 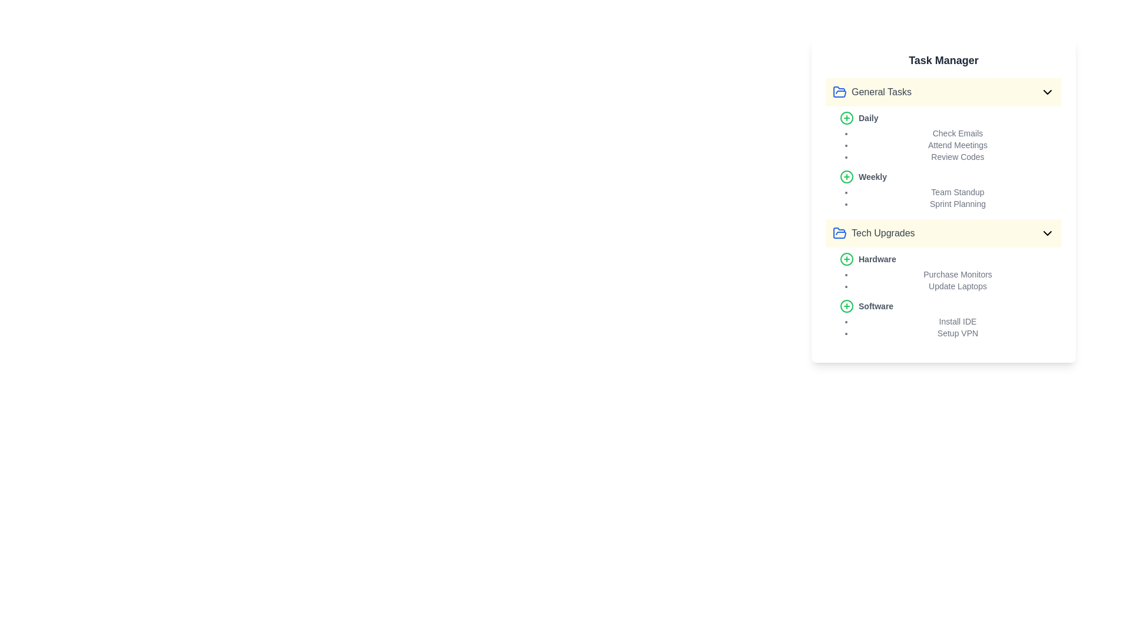 I want to click on the Chevron icon located at the far right of the 'Tech Upgrades' section in the 'Task Manager' panel, so click(x=1048, y=233).